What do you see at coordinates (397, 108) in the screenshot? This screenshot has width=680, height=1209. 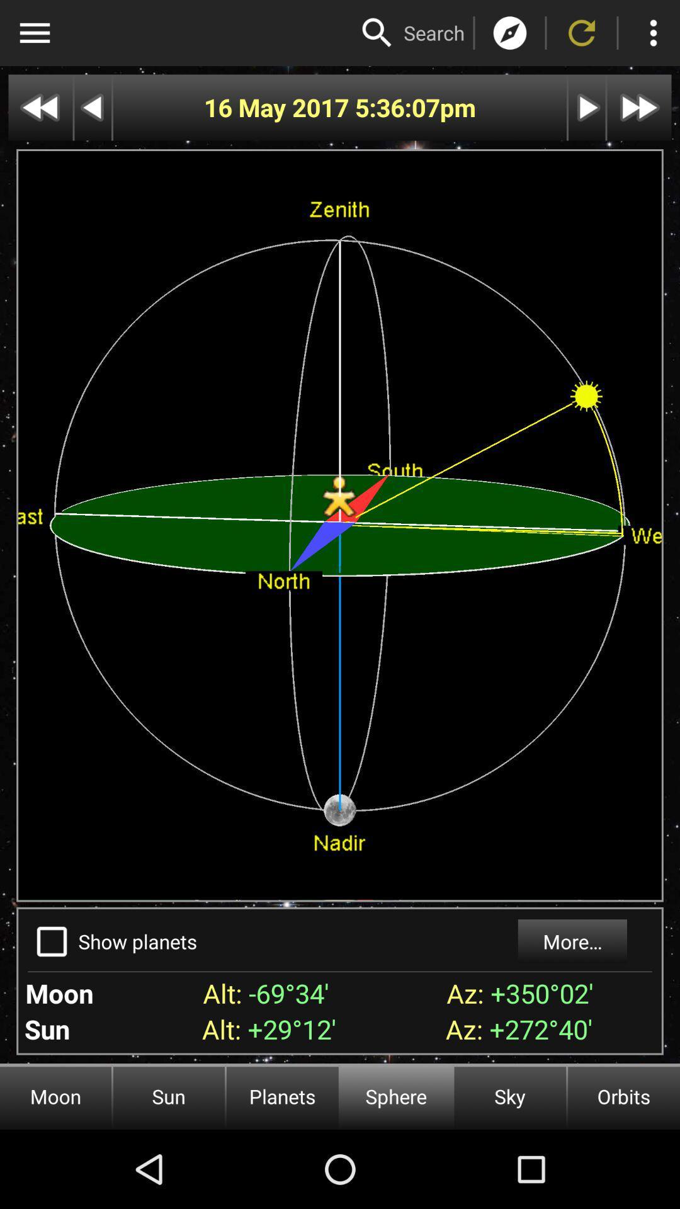 I see `the item to the right of the 16 may 2017` at bounding box center [397, 108].